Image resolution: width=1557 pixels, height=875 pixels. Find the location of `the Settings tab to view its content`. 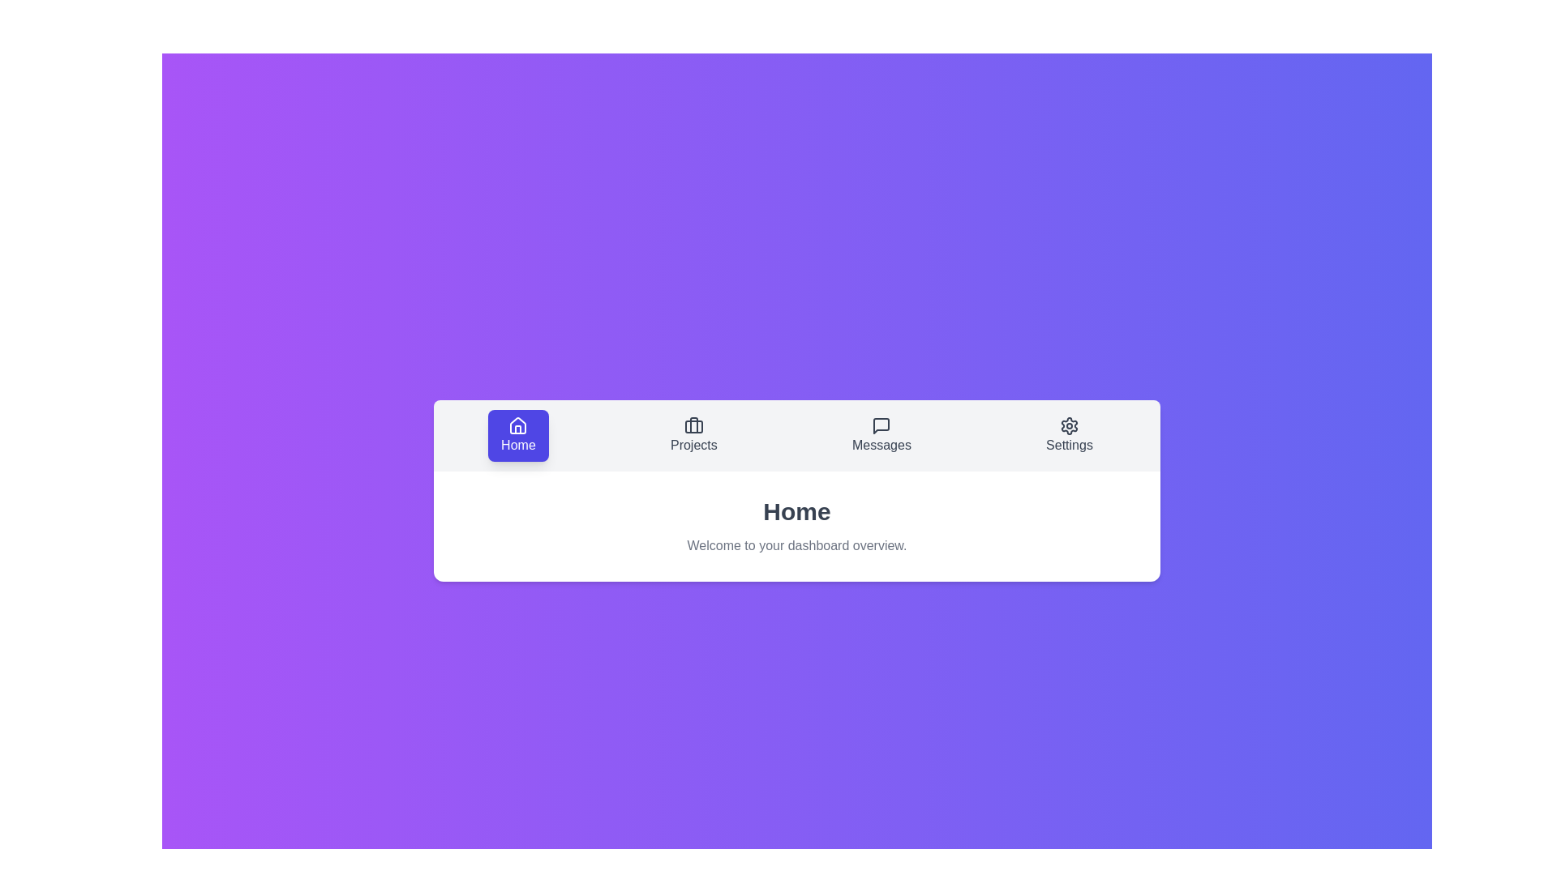

the Settings tab to view its content is located at coordinates (1070, 434).